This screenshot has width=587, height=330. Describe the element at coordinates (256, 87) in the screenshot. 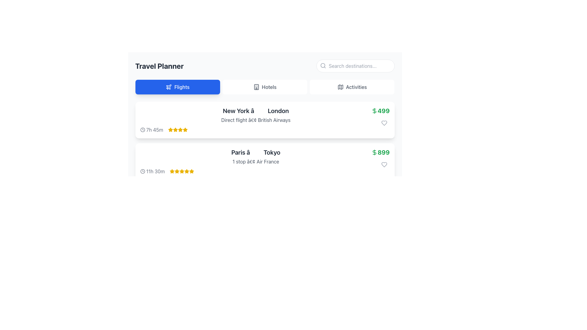

I see `the rectangular graphical icon element representing a building, which is located in the 'Hotels' tab button on the top navigation bar` at that location.